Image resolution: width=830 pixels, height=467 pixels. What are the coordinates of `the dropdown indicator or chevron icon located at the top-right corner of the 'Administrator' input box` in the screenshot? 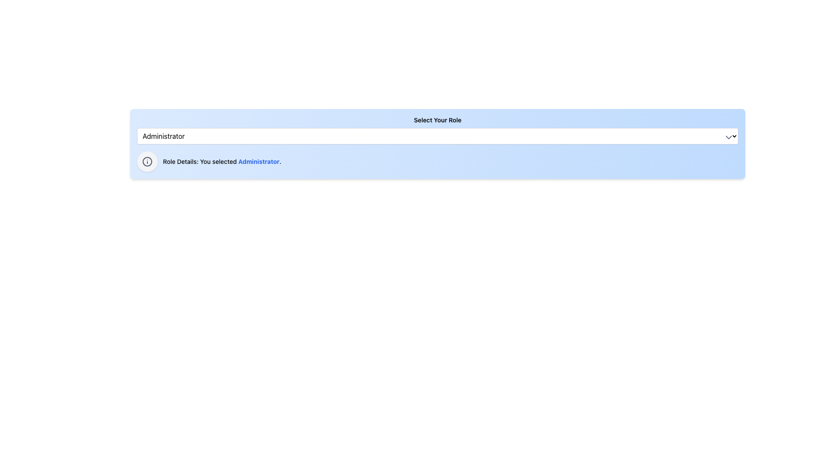 It's located at (728, 137).